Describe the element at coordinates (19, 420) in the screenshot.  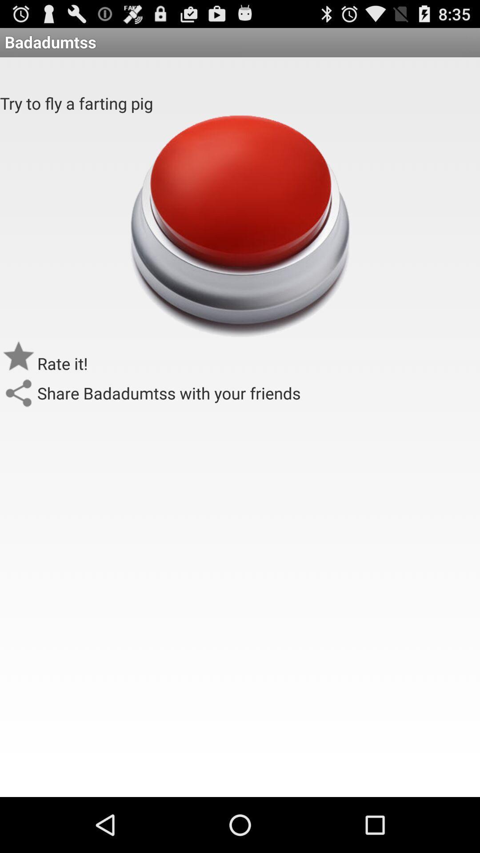
I see `the share icon` at that location.